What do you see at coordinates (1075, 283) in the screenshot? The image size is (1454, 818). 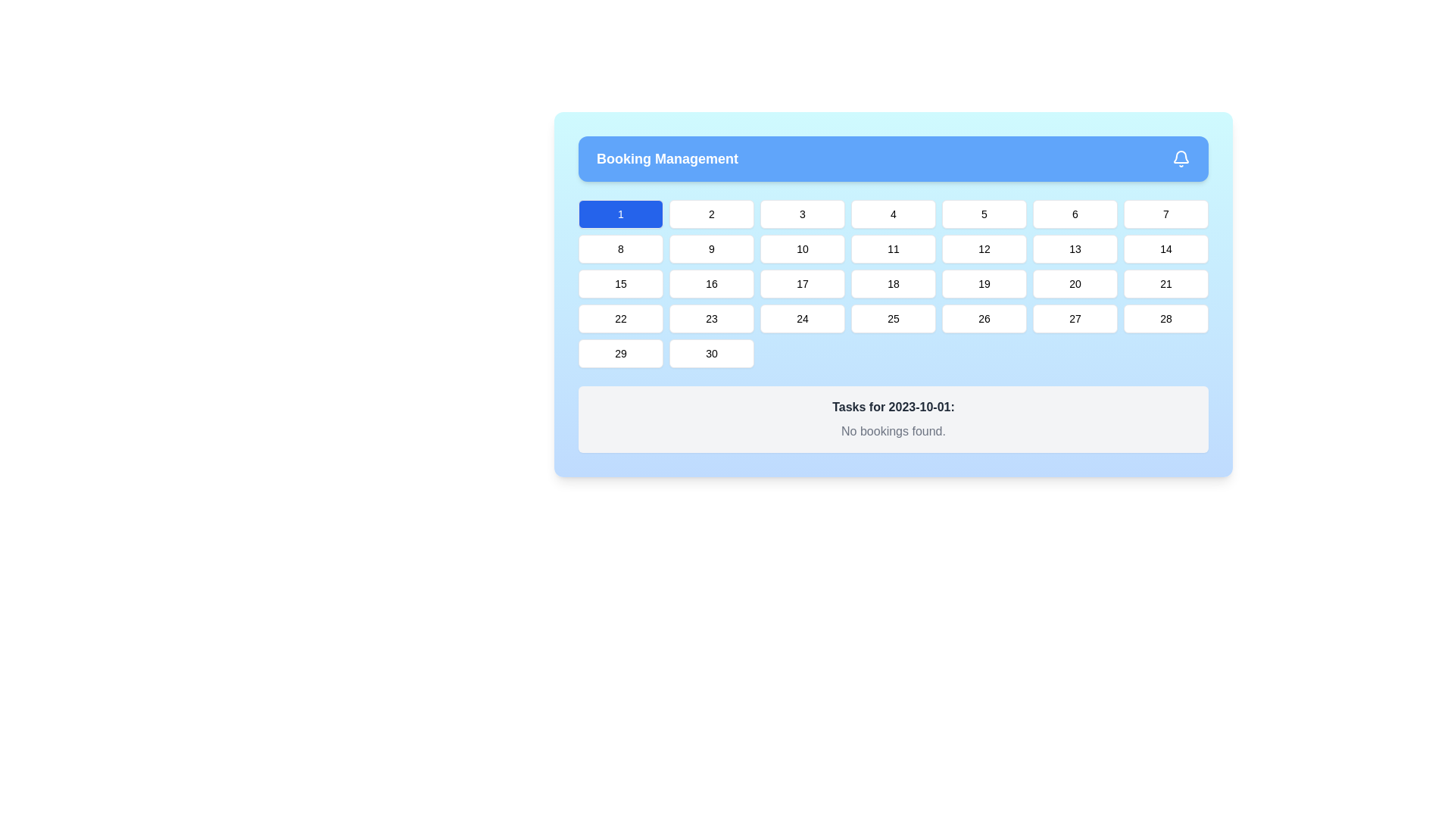 I see `the button displaying the number '20', which has a white background, black text, rounded corners, and is located` at bounding box center [1075, 283].